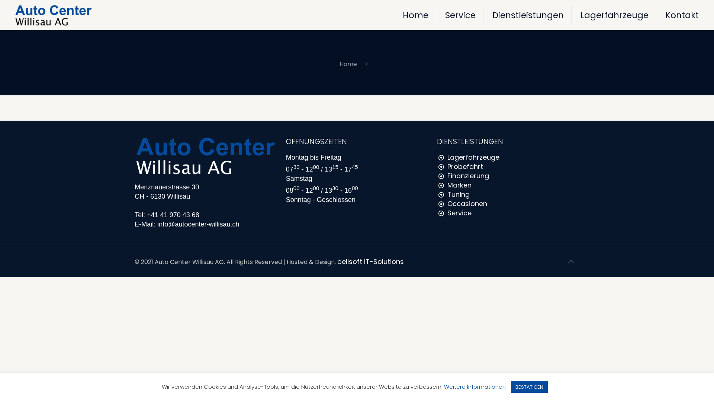 This screenshot has width=714, height=401. I want to click on 'Tuning', so click(446, 194).